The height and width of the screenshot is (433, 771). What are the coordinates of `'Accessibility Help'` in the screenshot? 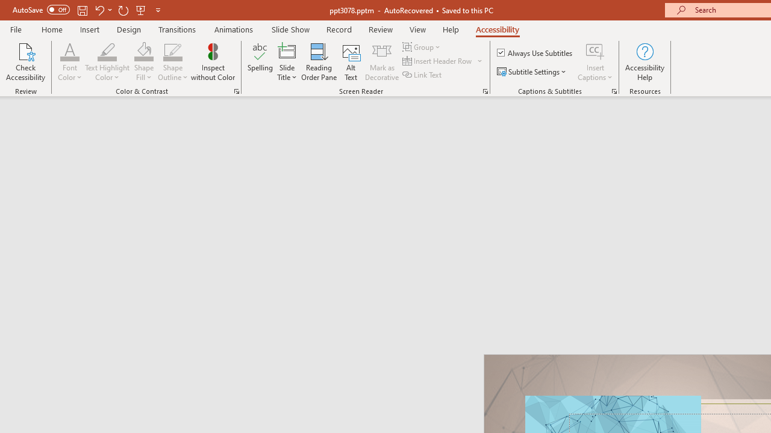 It's located at (644, 62).